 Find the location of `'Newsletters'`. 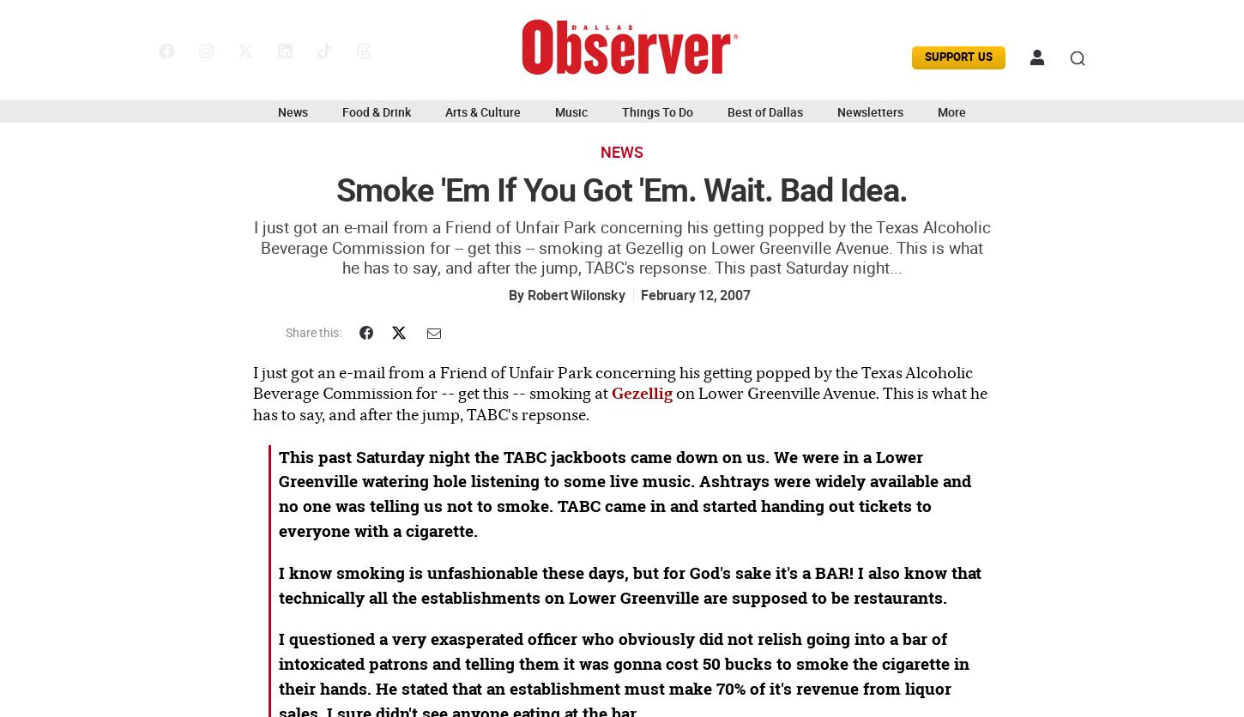

'Newsletters' is located at coordinates (870, 110).